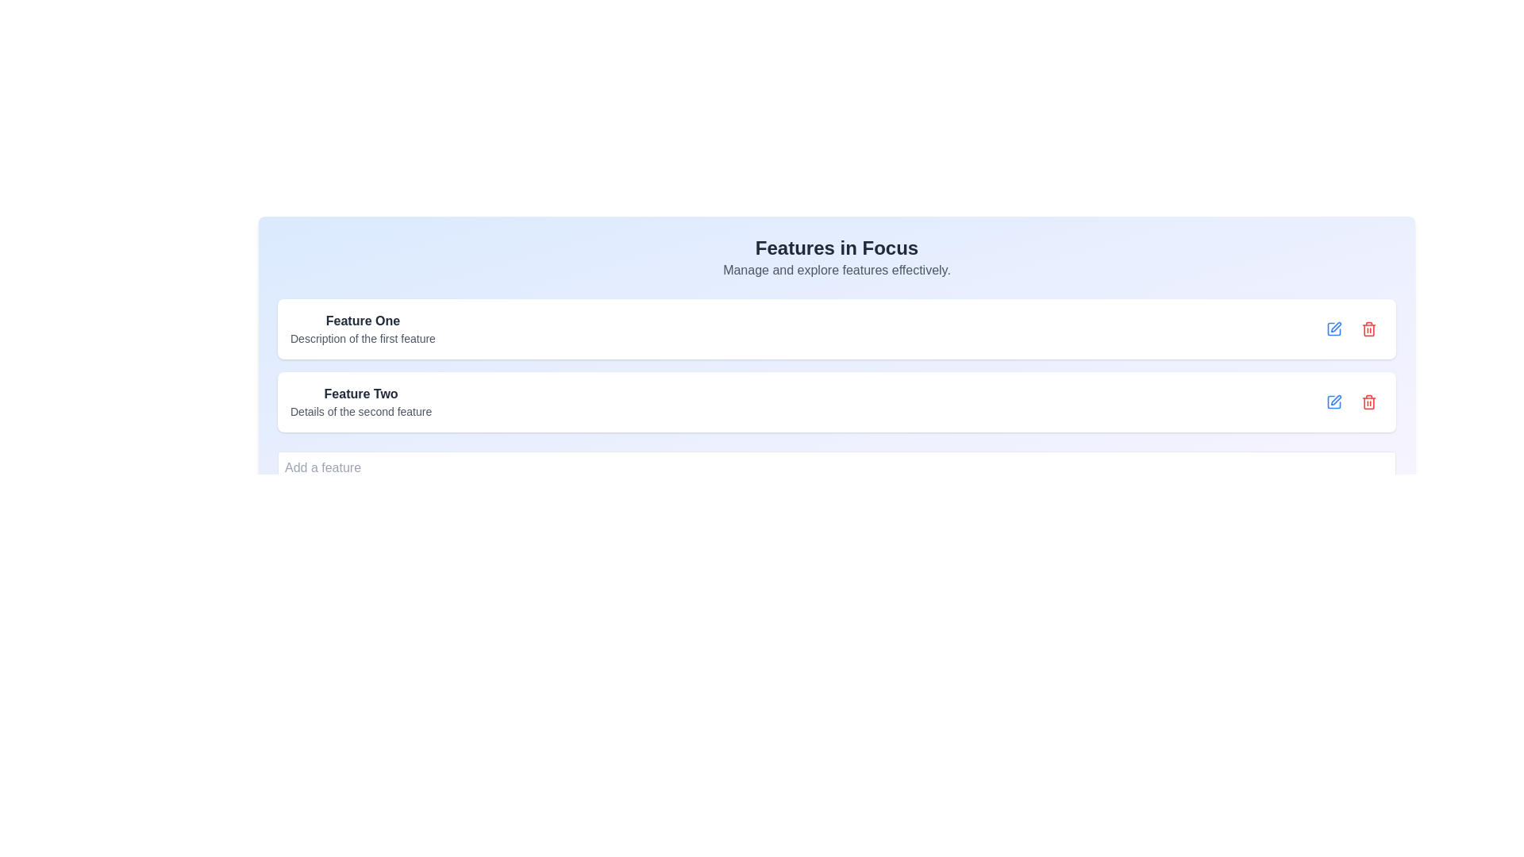 Image resolution: width=1524 pixels, height=857 pixels. What do you see at coordinates (1368, 401) in the screenshot?
I see `the trash icon button, which is red and designed to represent a delete action` at bounding box center [1368, 401].